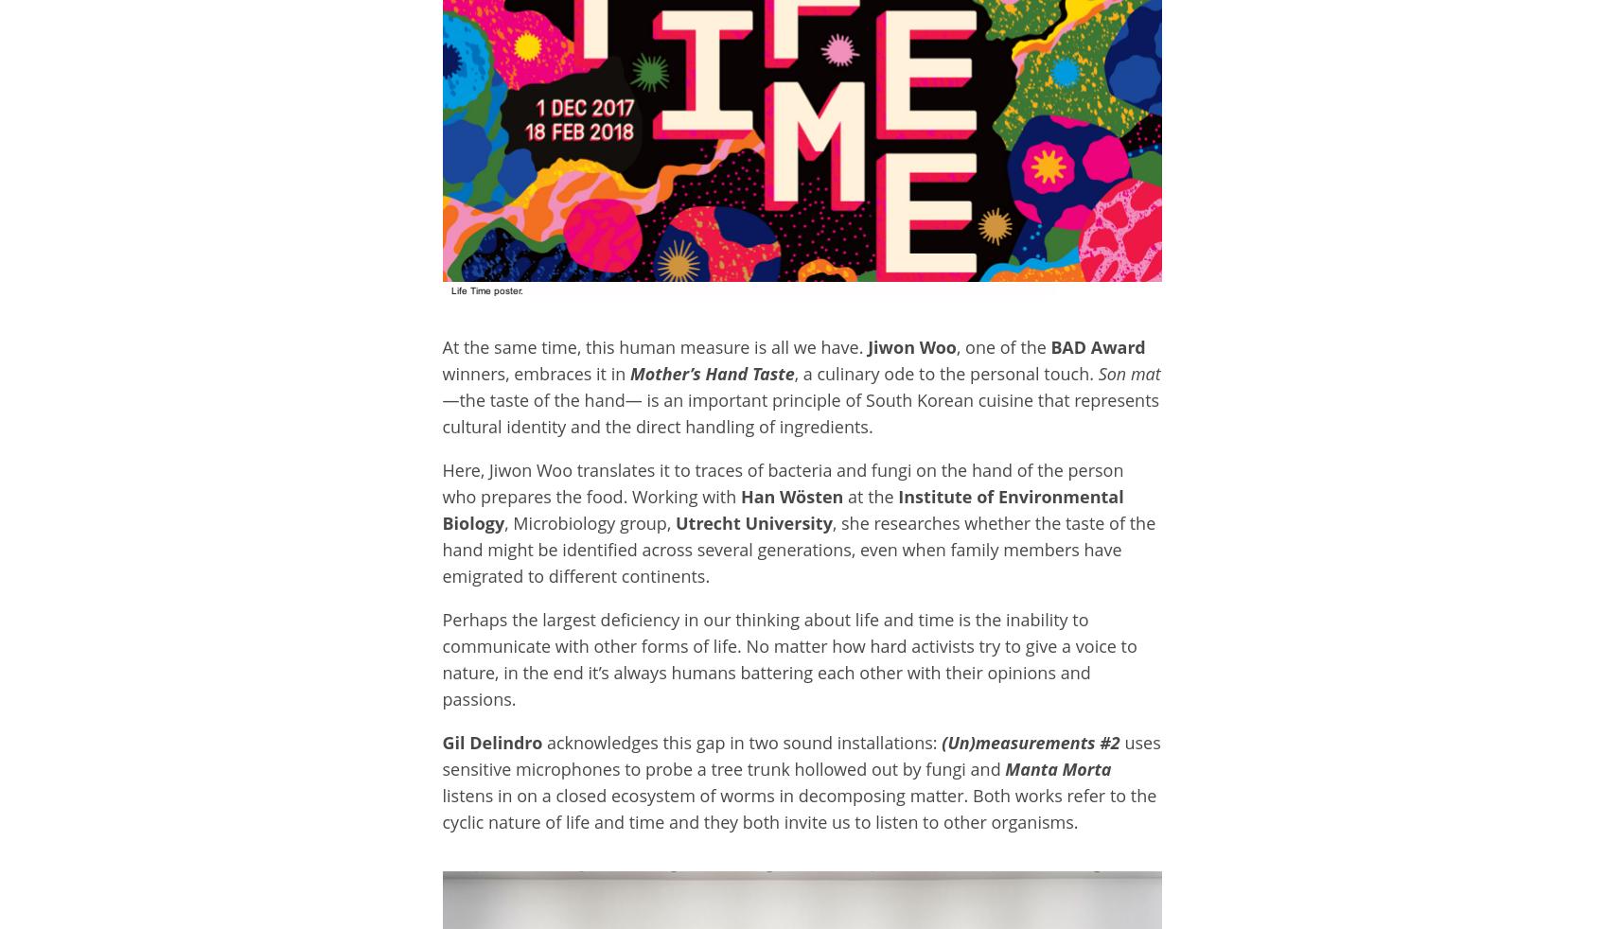 This screenshot has width=1604, height=929. I want to click on 'Here, Jiwon Woo translates it to traces of bacteria and fungi on the hand of the person who prepares the food. Working with', so click(782, 482).